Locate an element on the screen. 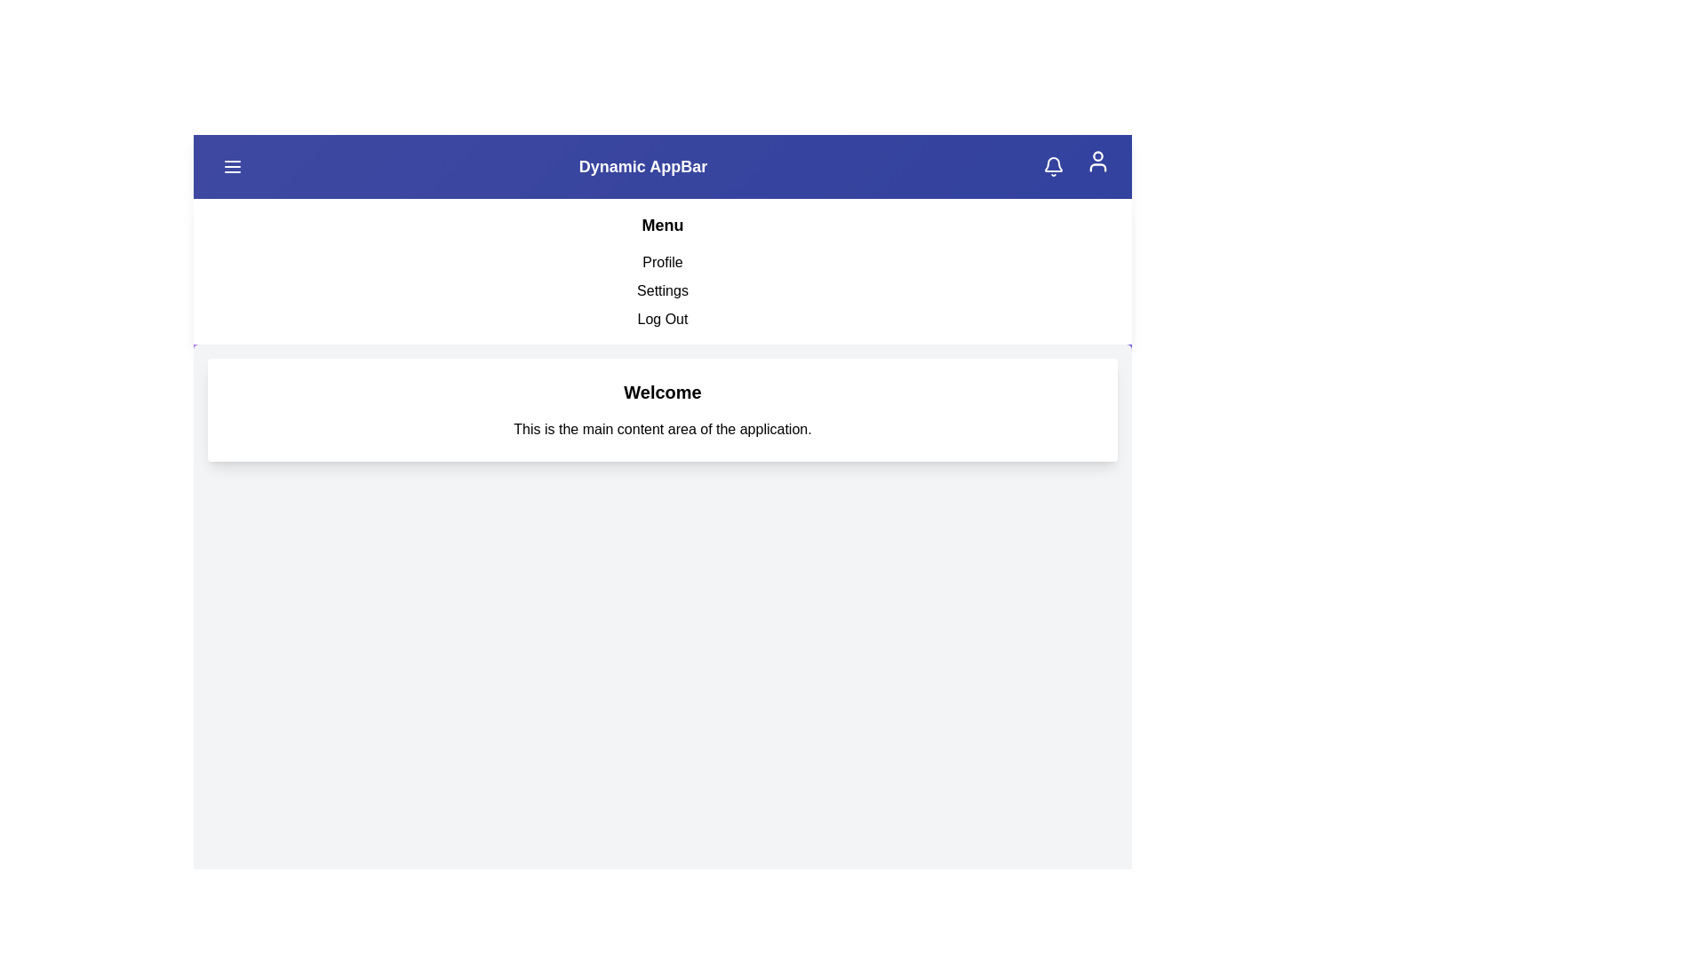  the menu item Profile to navigate to its respective section is located at coordinates (661, 263).